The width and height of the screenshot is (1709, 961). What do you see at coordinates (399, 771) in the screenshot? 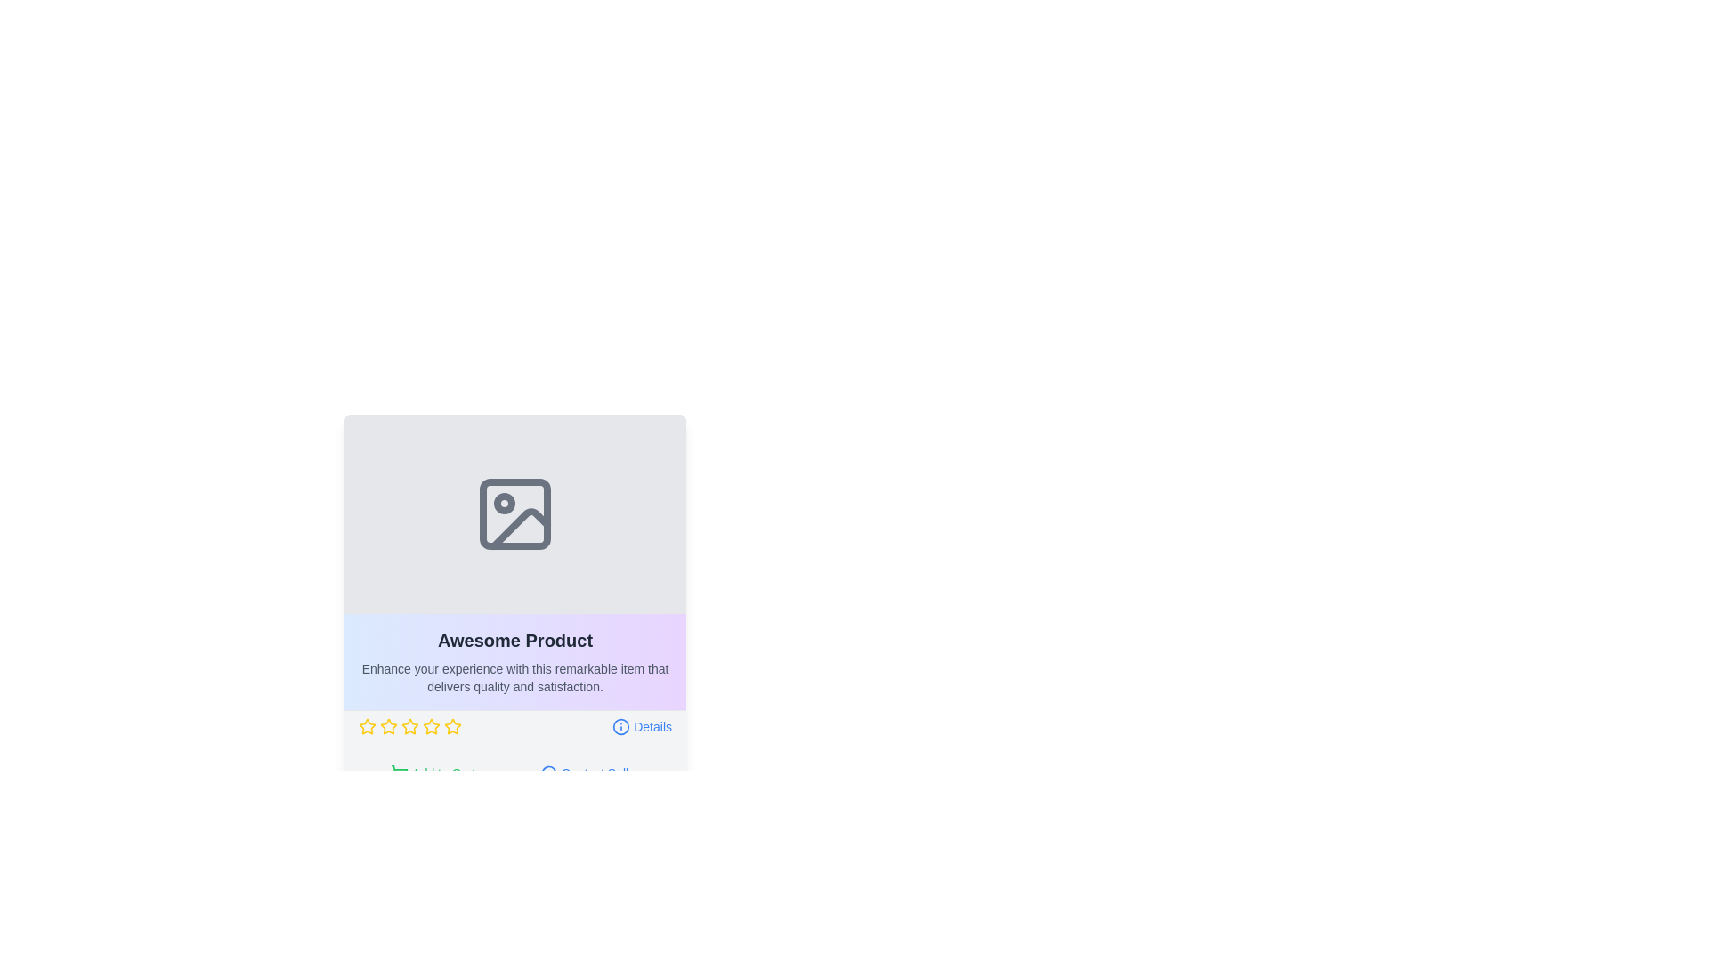
I see `the shopping cart icon on the left side of the 'Add to Cart' button` at bounding box center [399, 771].